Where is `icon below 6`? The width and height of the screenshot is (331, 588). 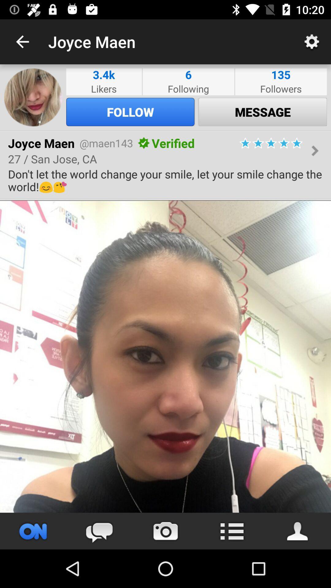
icon below 6 is located at coordinates (188, 88).